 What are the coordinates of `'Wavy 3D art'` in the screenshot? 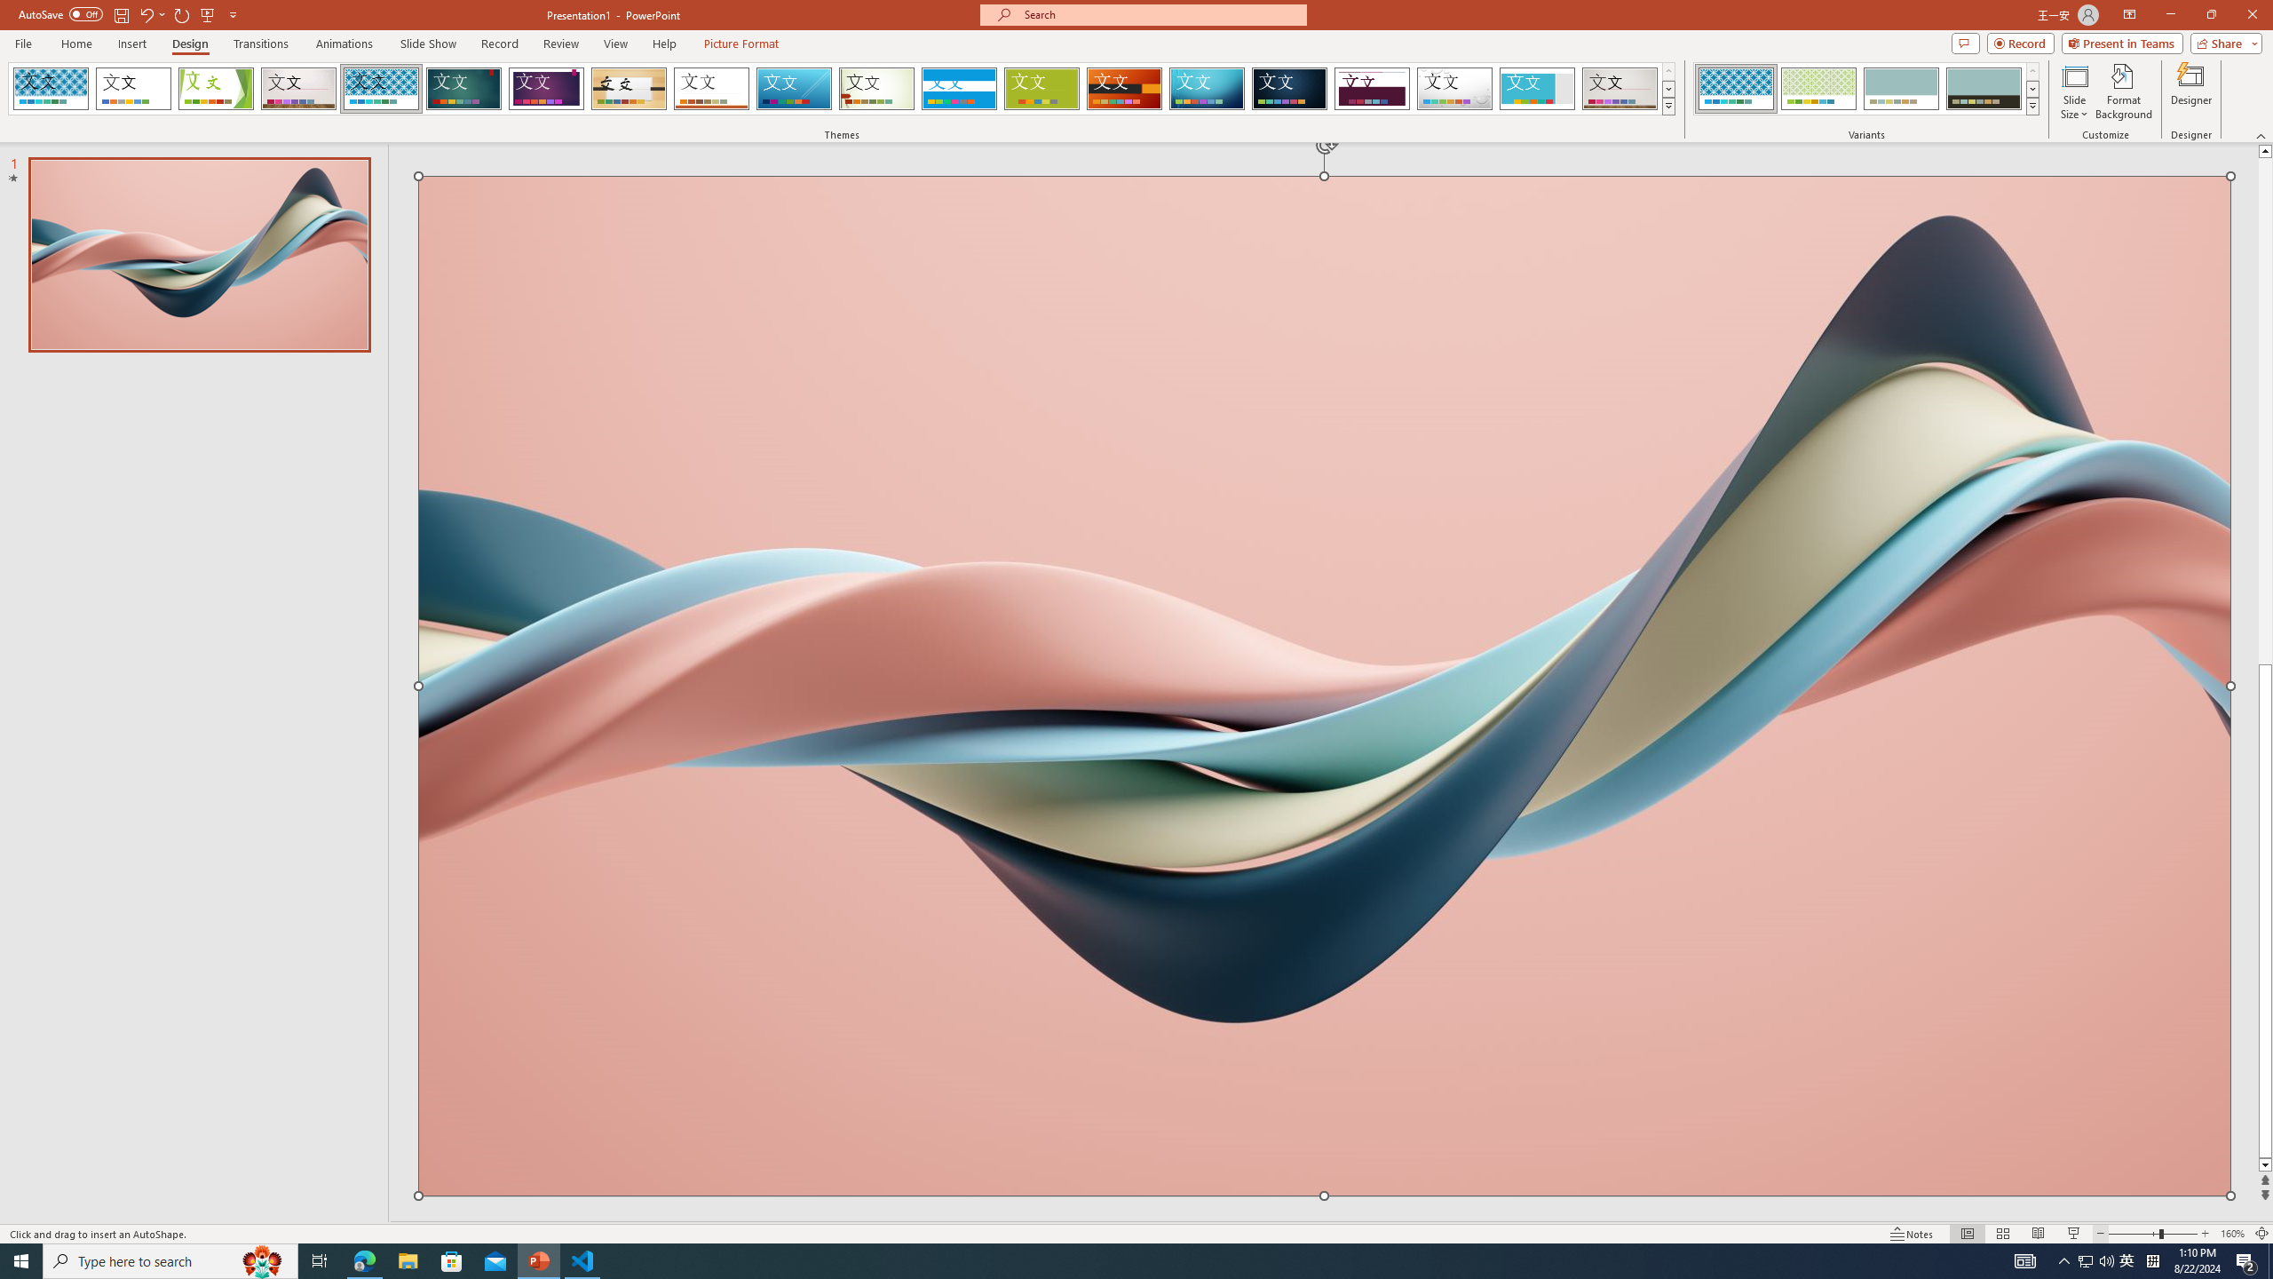 It's located at (1324, 685).